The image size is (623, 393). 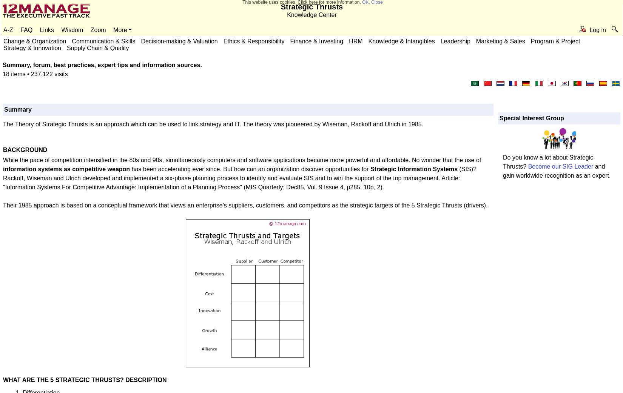 I want to click on 'Wisdom', so click(x=72, y=29).